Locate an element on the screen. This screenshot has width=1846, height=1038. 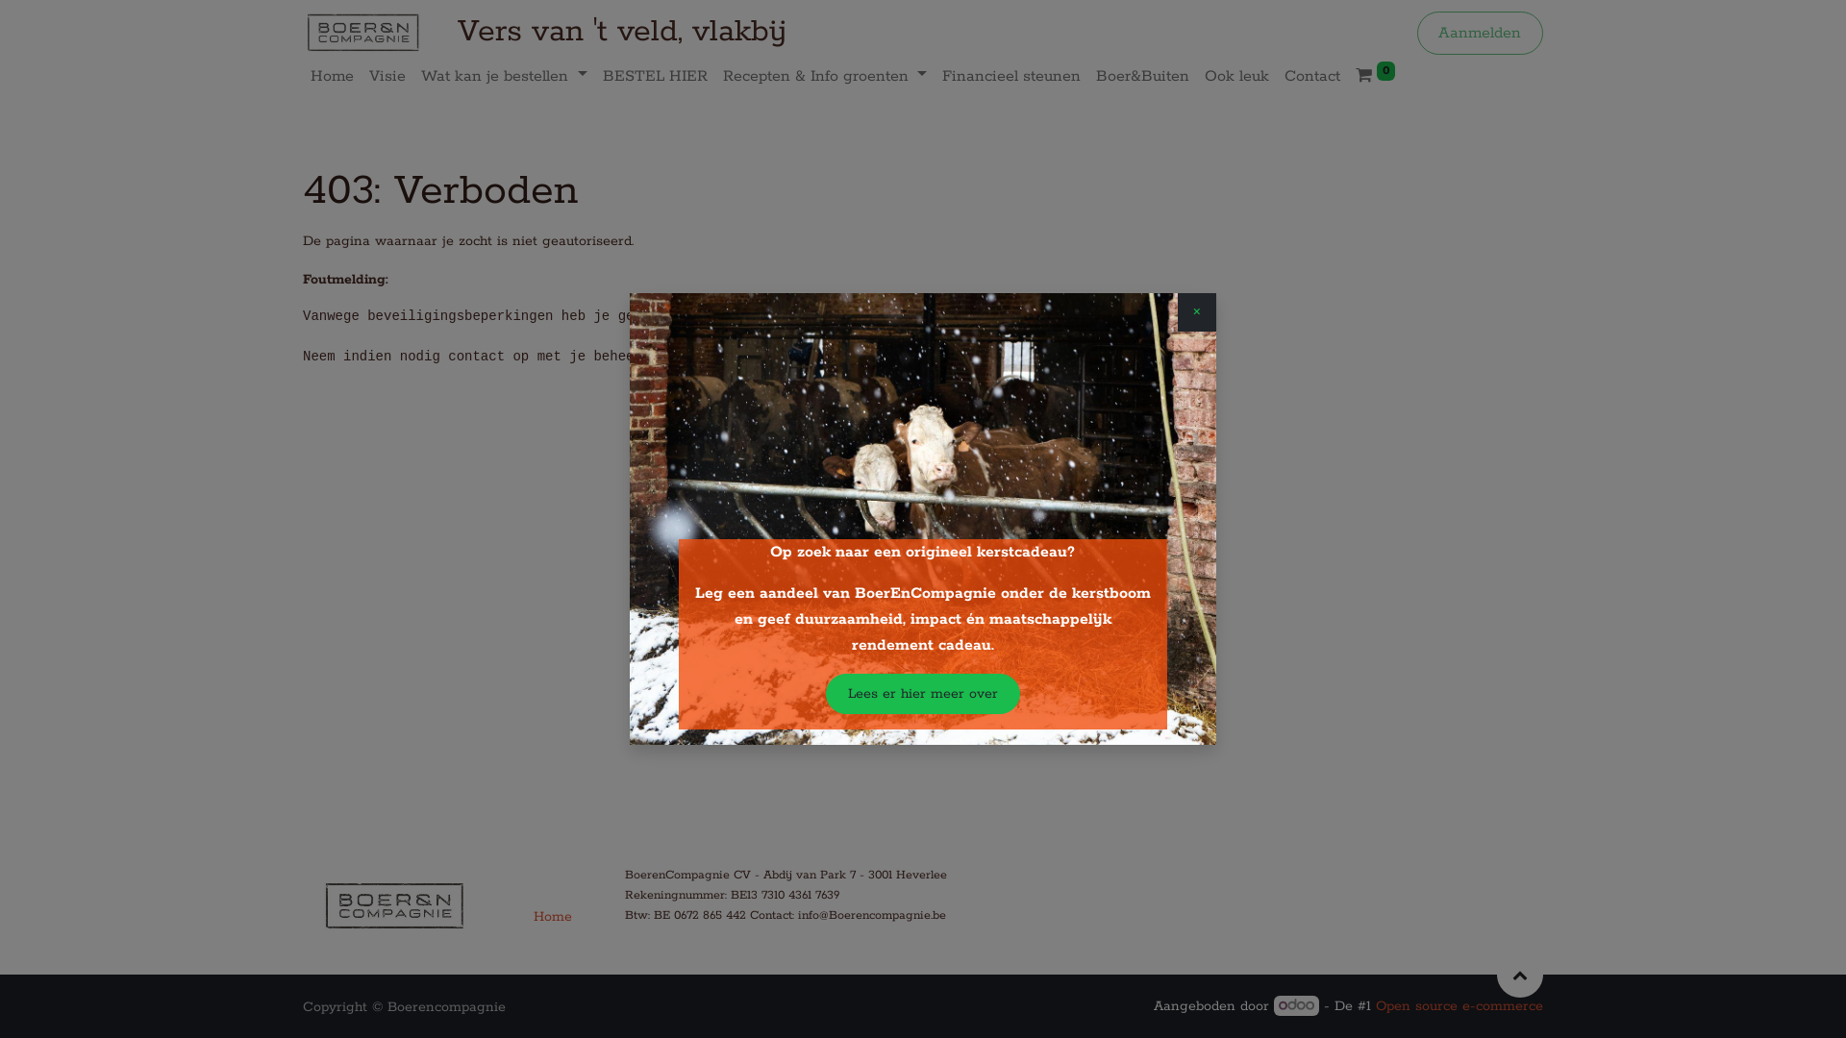
'Recepten & Info groenten' is located at coordinates (825, 75).